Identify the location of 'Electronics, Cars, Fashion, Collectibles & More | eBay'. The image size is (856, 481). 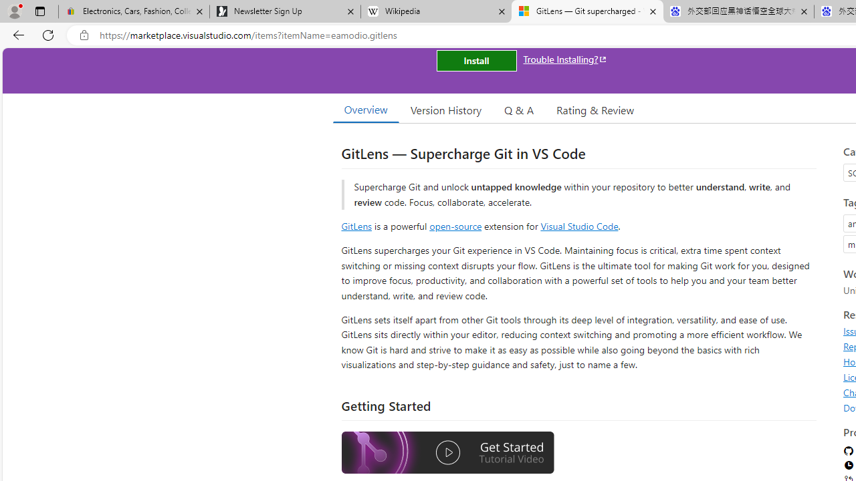
(134, 11).